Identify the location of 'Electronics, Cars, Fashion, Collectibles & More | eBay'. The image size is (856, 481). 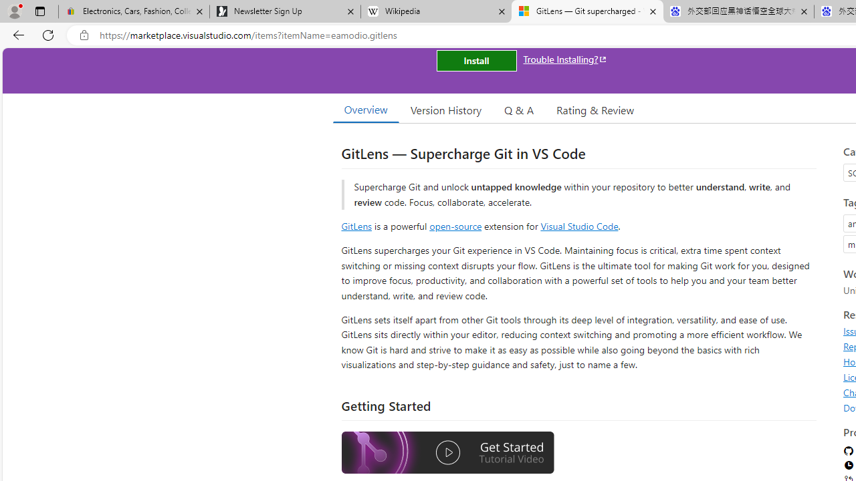
(134, 11).